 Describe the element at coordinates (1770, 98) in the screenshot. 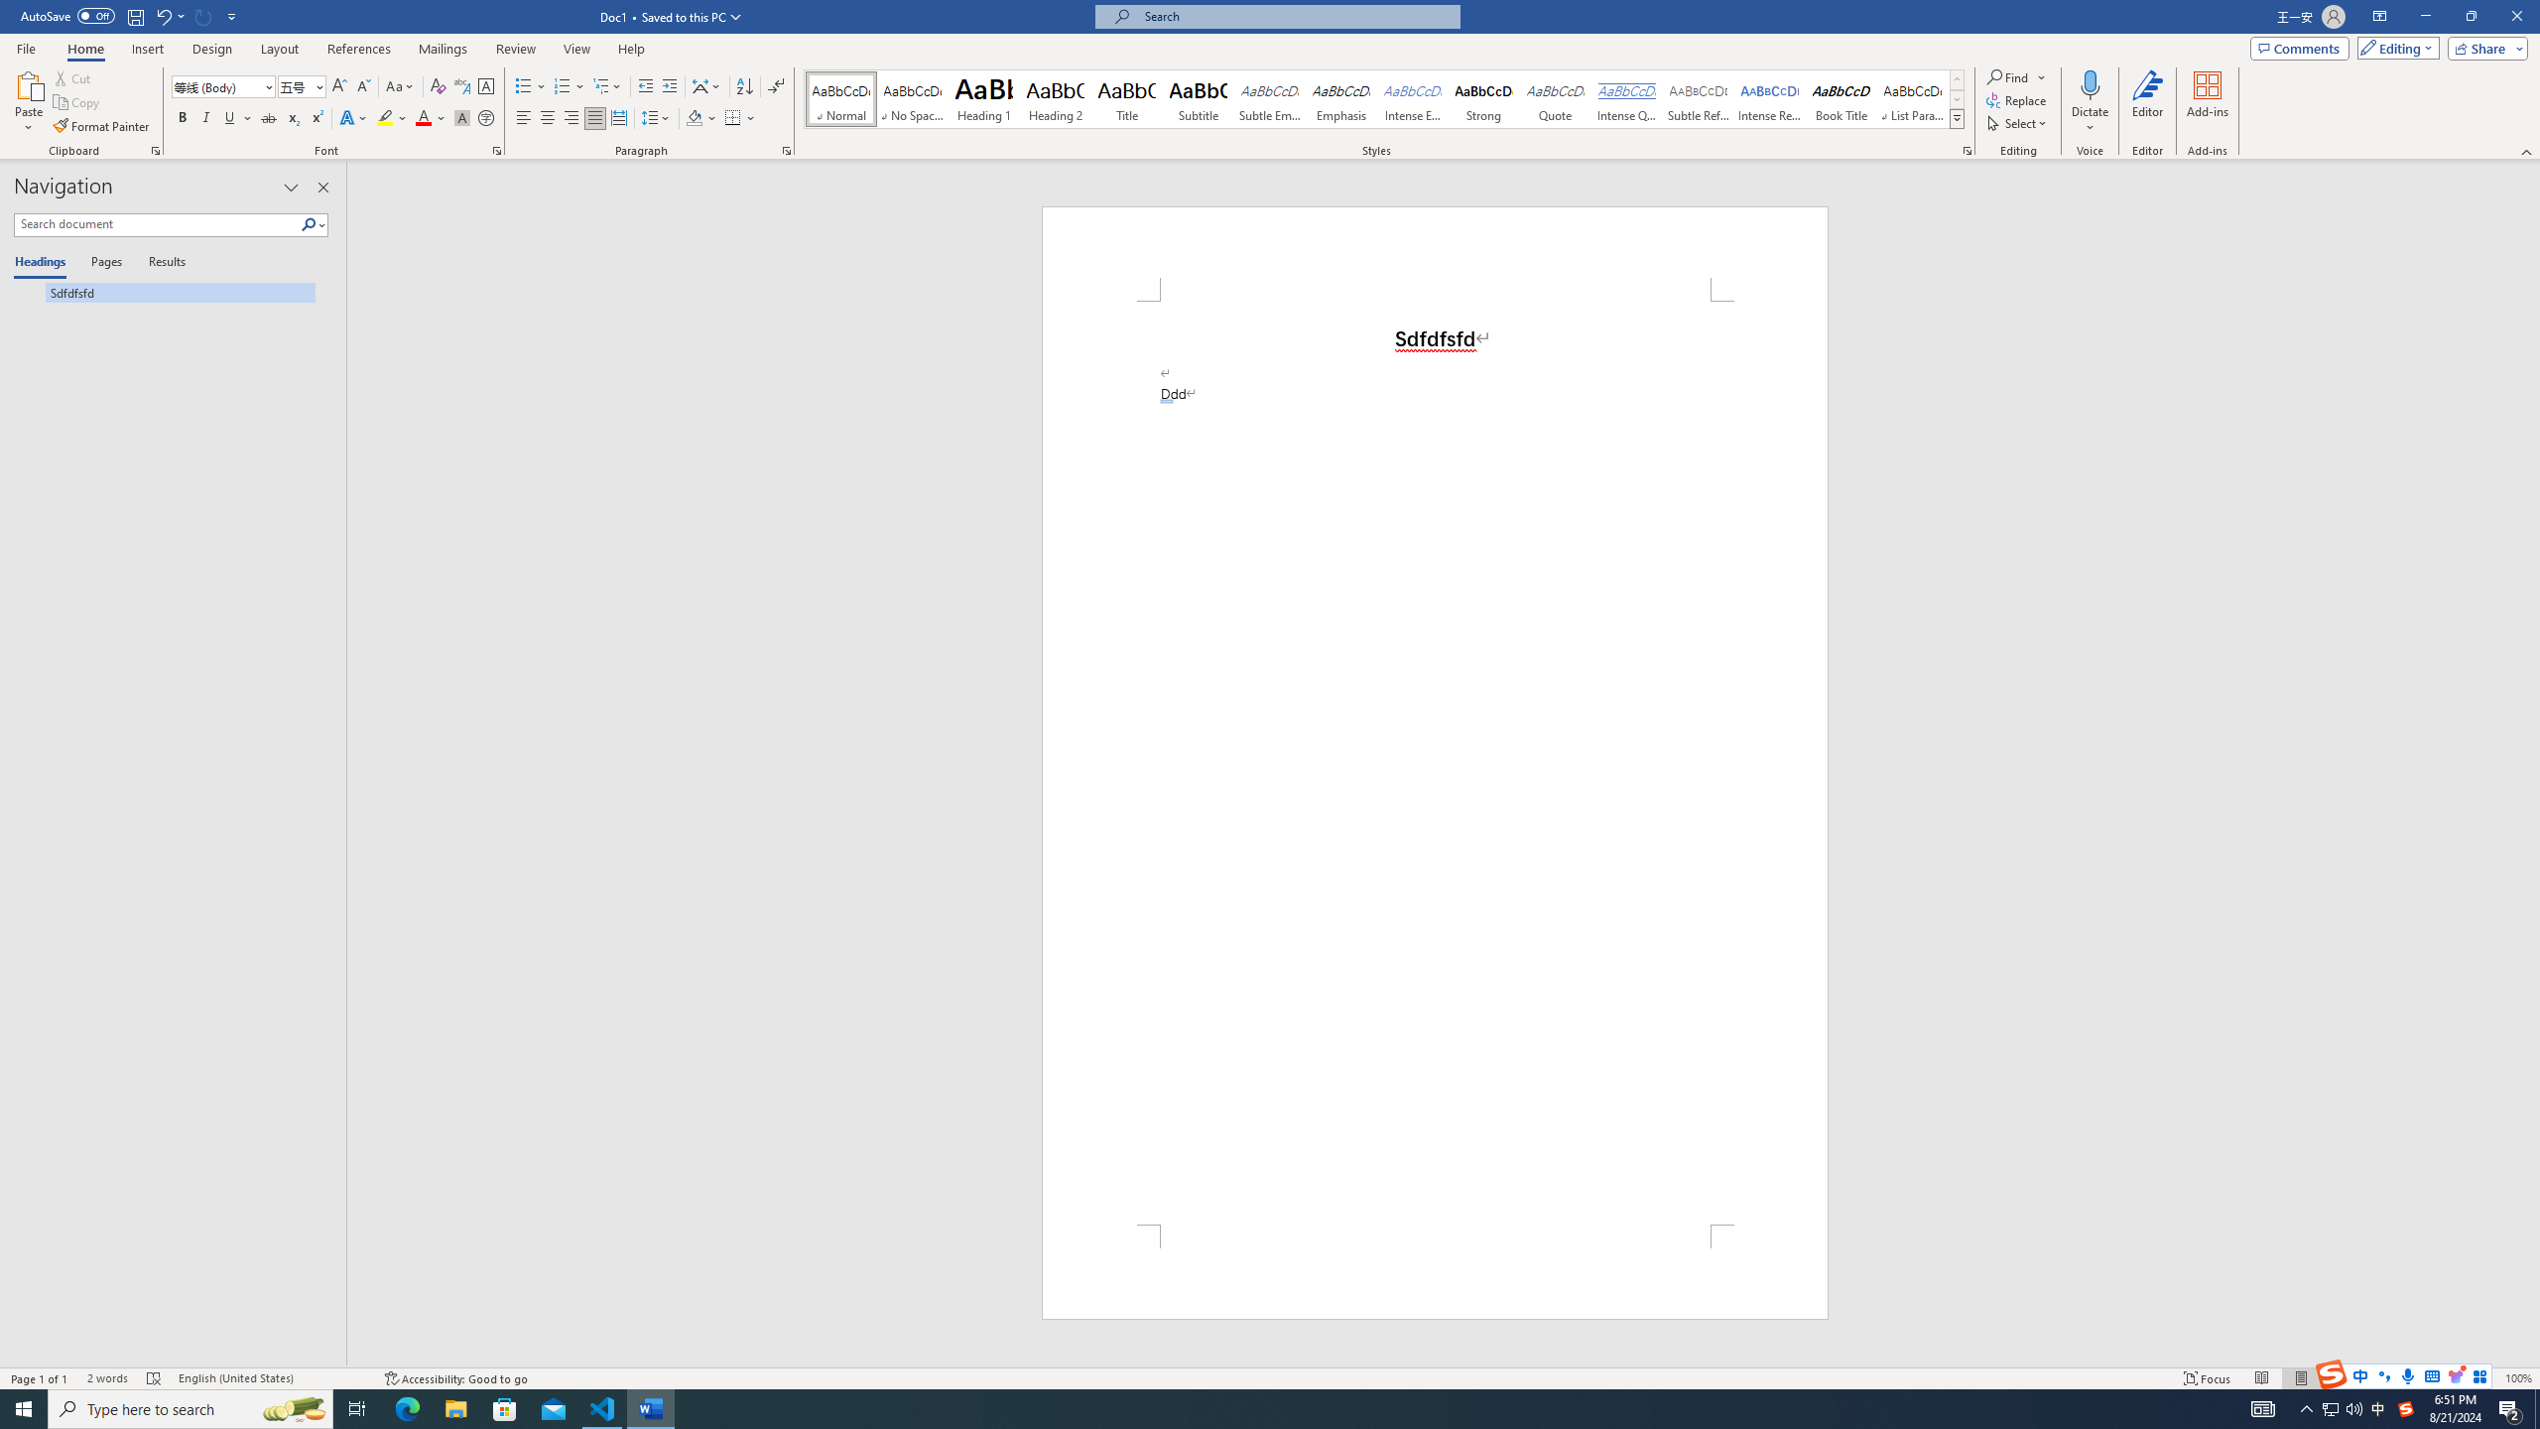

I see `'Intense Reference'` at that location.